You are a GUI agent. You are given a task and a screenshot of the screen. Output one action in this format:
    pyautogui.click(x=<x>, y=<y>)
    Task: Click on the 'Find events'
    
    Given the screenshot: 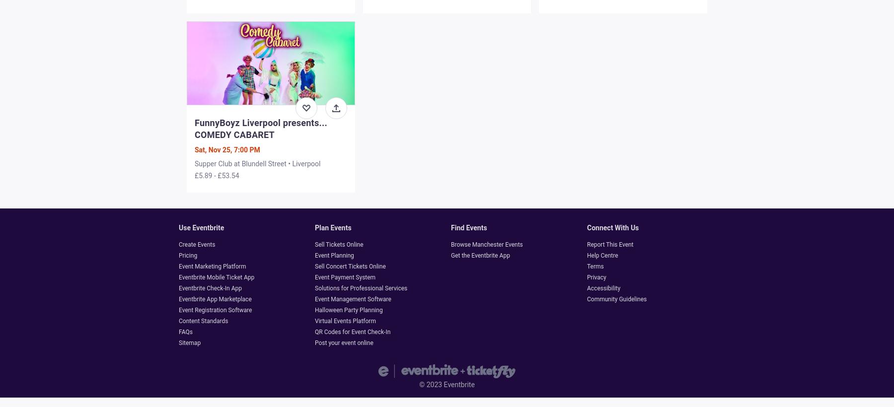 What is the action you would take?
    pyautogui.click(x=468, y=227)
    